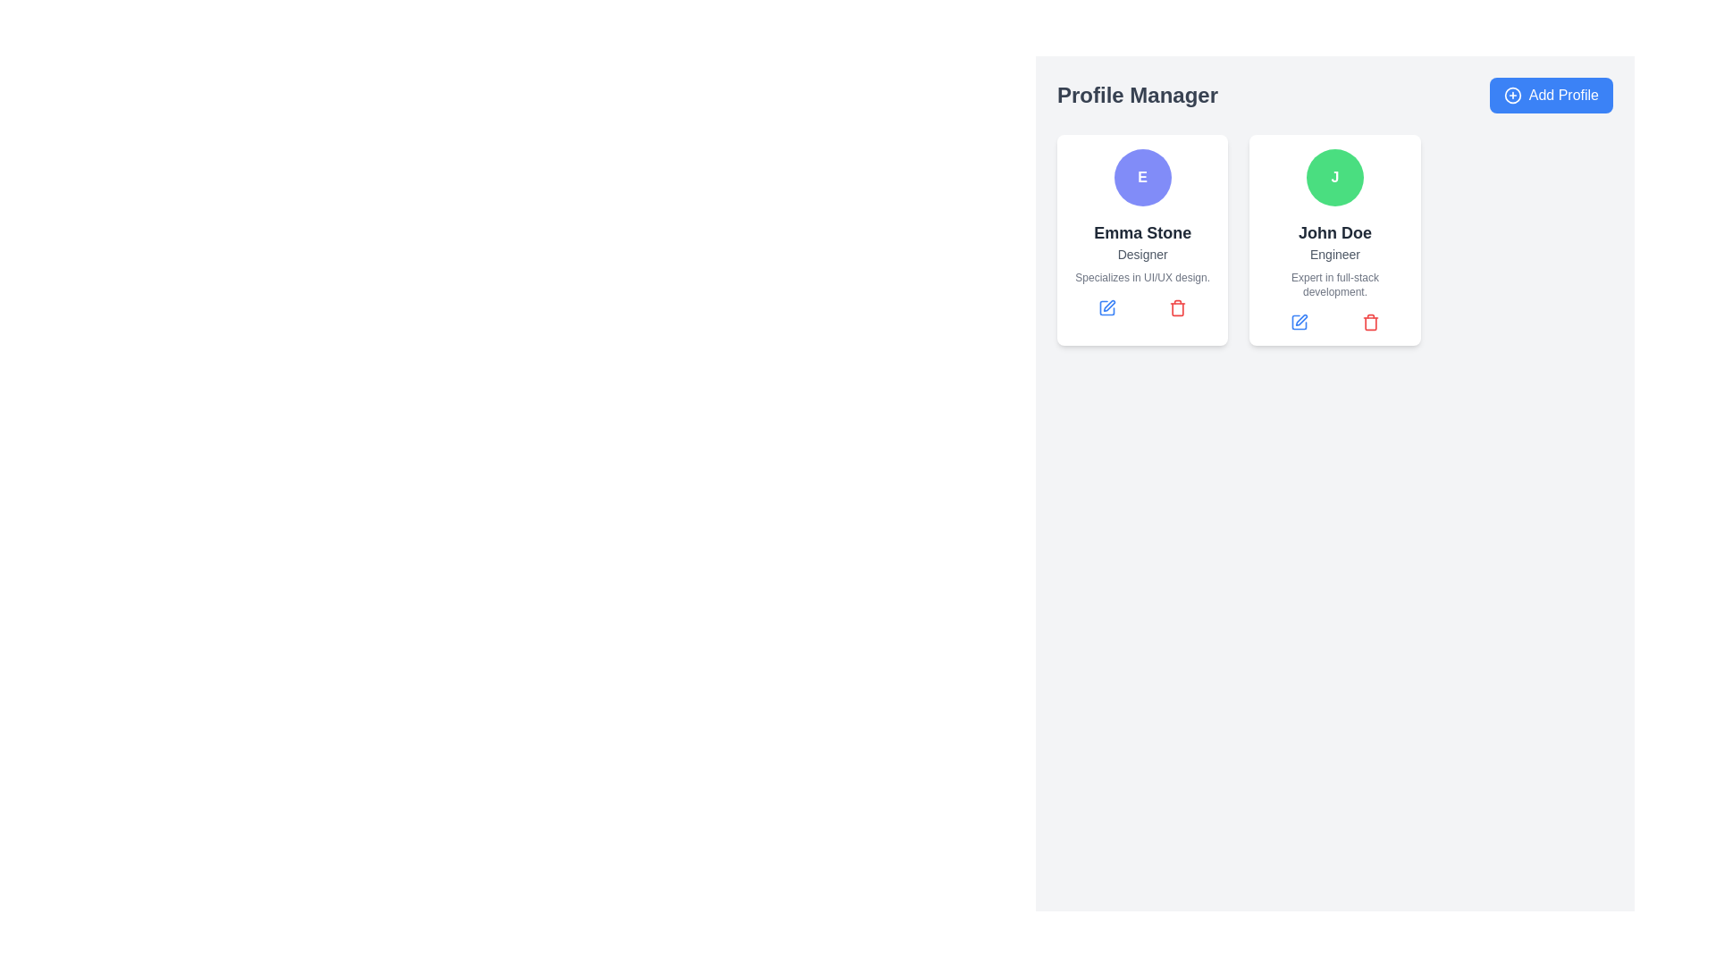 The height and width of the screenshot is (965, 1716). I want to click on the icon located within the 'Add Profile' button in the top-right corner of the interface to understand its function related to profile creation, so click(1511, 96).